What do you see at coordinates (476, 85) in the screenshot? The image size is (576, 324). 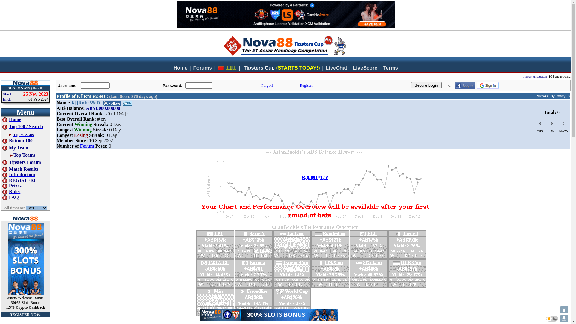 I see `'One-Click Login with Google'` at bounding box center [476, 85].